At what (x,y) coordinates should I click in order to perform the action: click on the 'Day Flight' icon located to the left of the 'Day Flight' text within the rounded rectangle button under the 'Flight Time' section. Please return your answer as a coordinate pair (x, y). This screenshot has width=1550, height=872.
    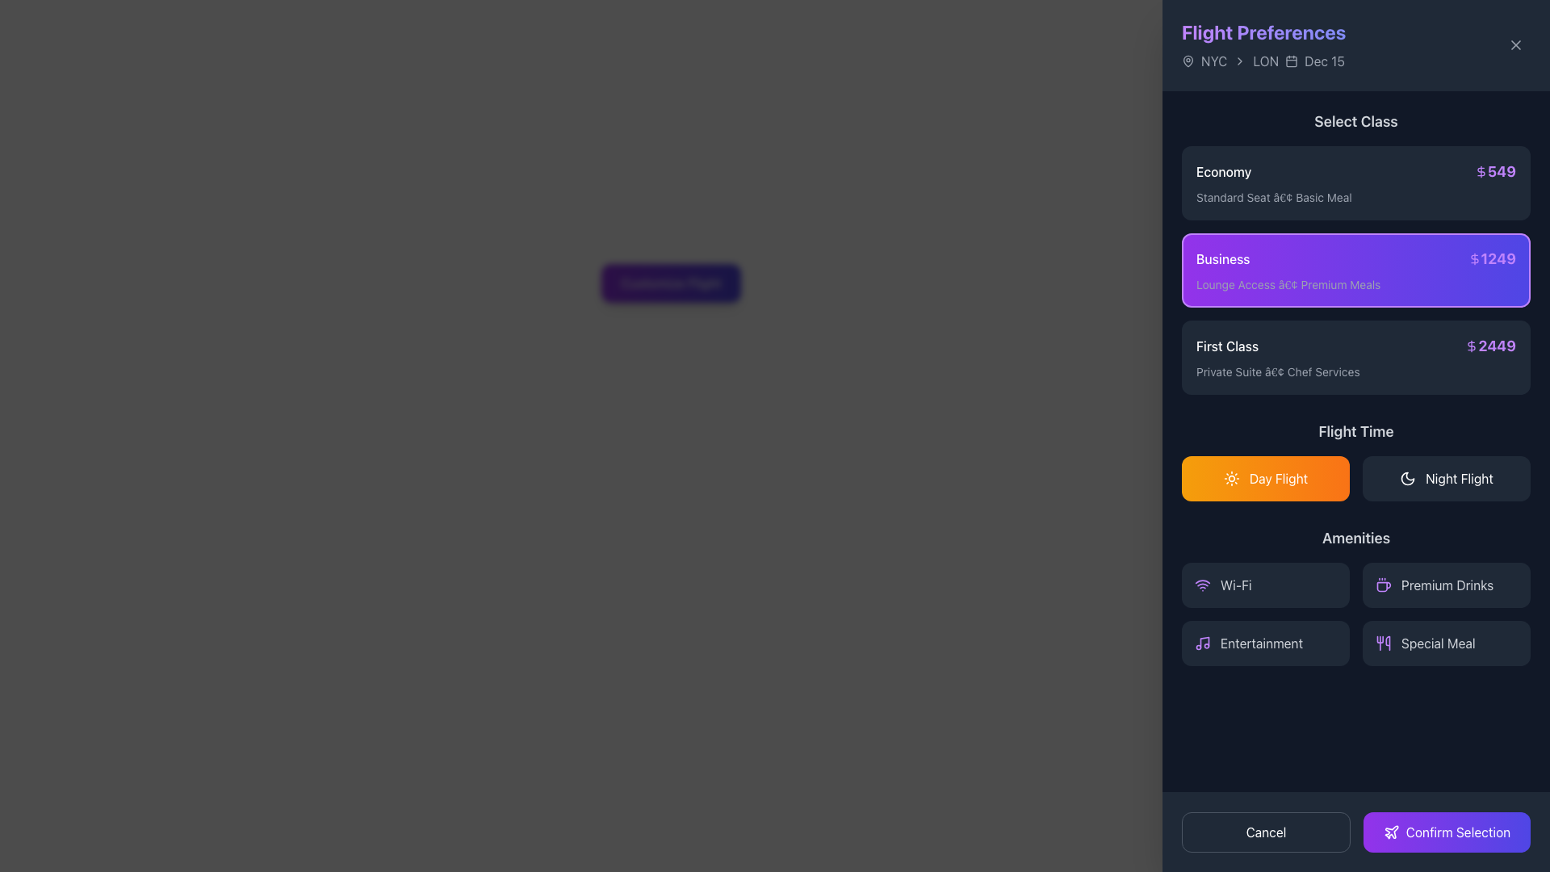
    Looking at the image, I should click on (1230, 478).